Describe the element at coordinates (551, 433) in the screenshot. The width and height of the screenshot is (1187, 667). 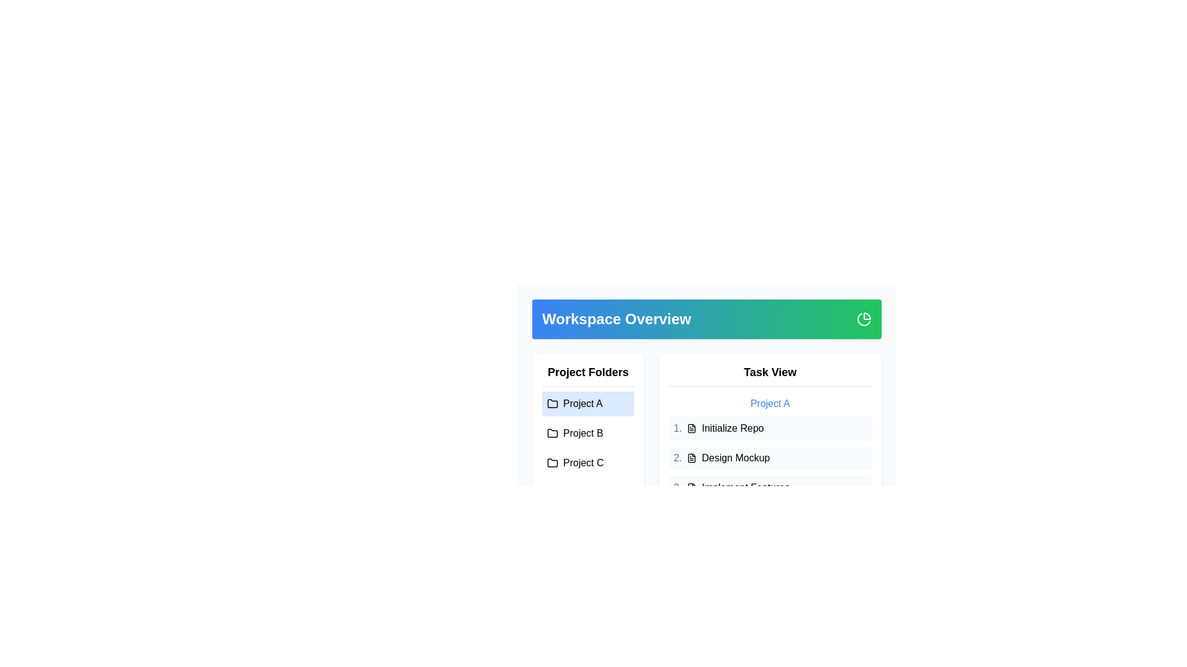
I see `the minimalist folder icon located to the left of the text 'Project B' in the vertical list of project folders under 'Project Folders'` at that location.